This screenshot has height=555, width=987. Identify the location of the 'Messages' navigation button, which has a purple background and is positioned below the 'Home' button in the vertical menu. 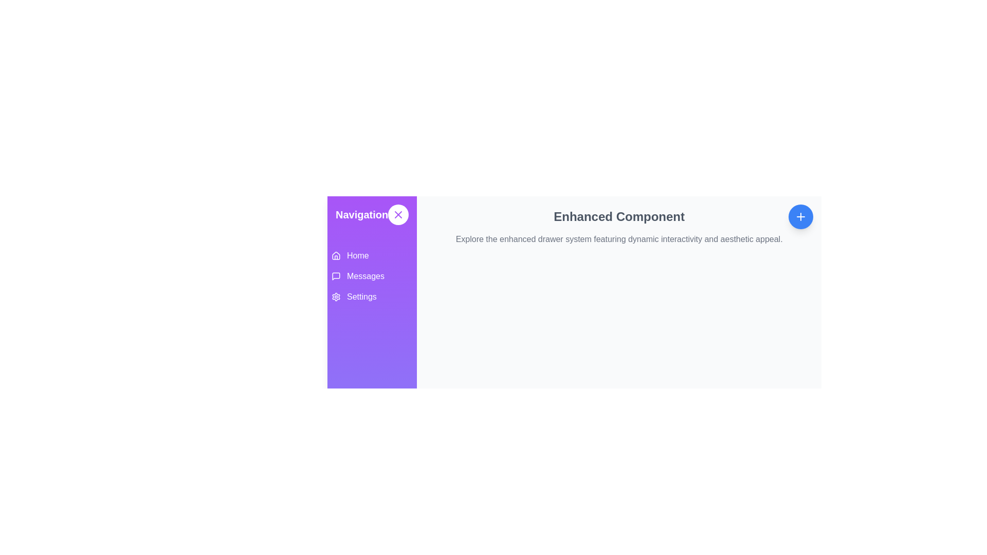
(372, 275).